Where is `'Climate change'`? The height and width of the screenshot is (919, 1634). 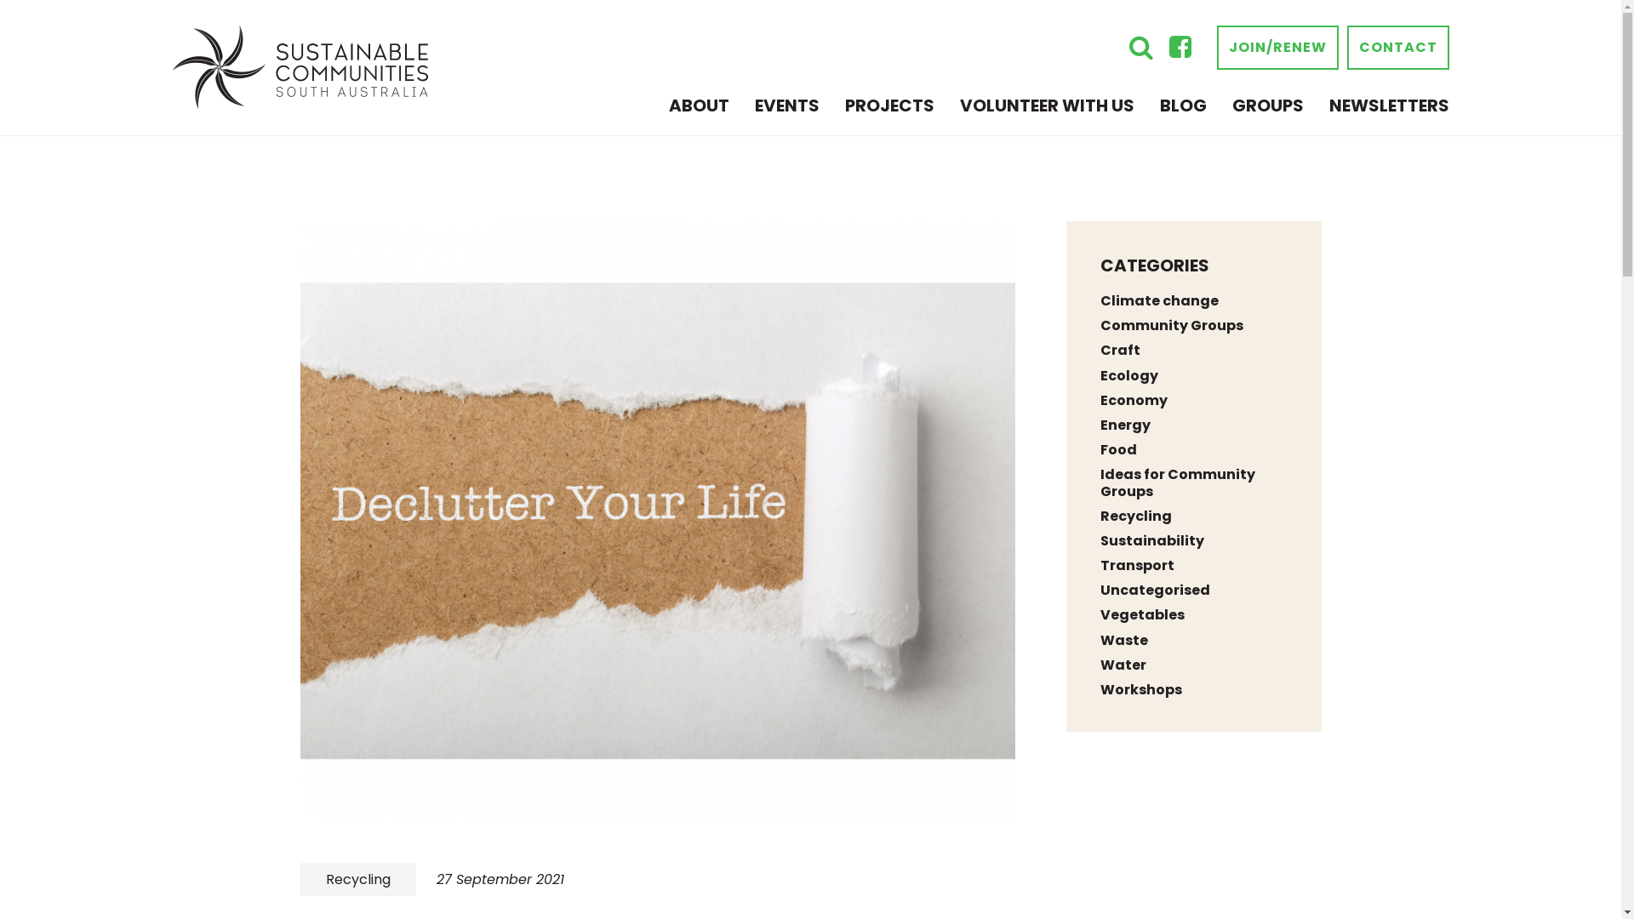 'Climate change' is located at coordinates (1157, 300).